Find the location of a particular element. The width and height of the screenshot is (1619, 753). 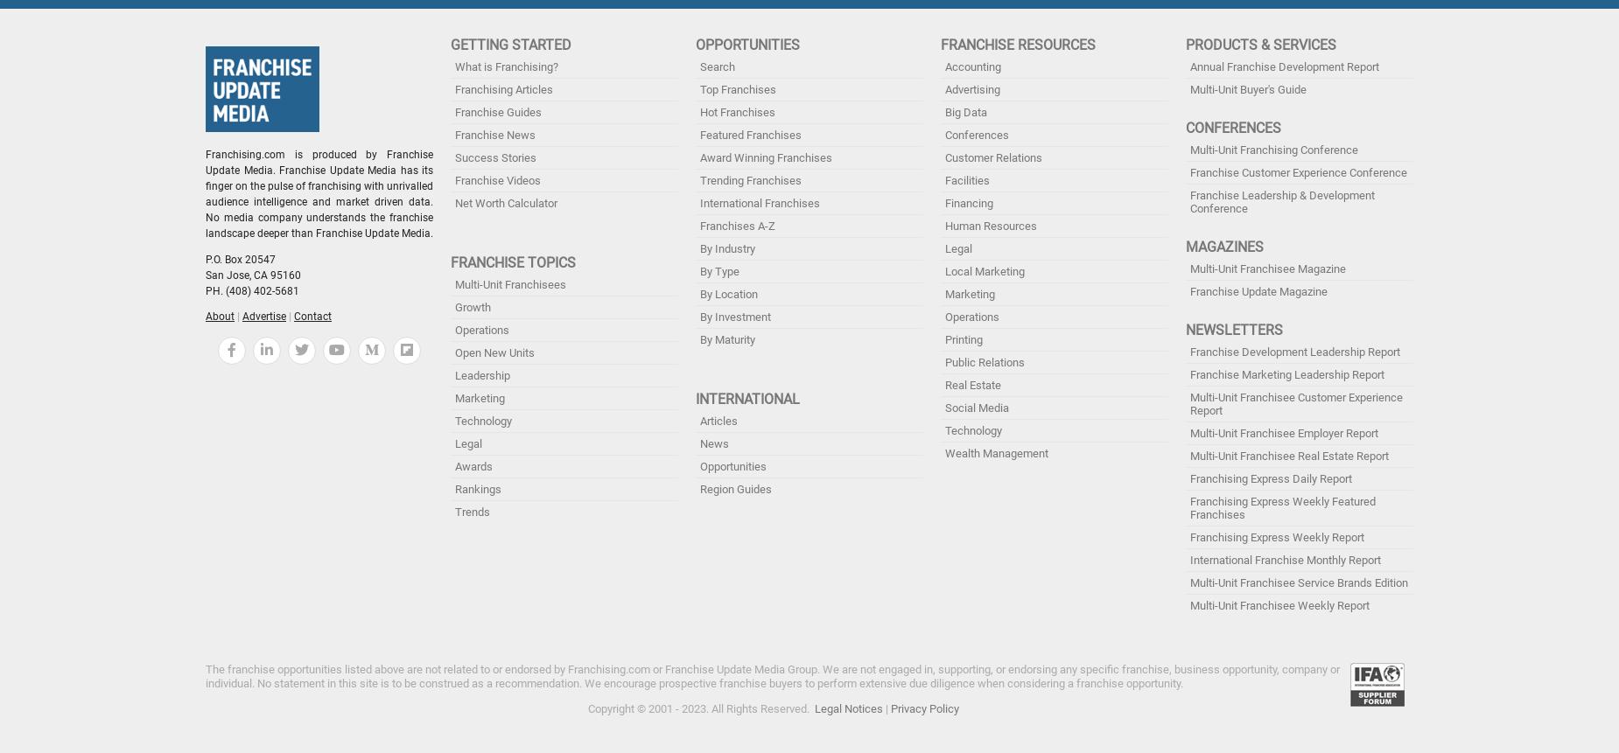

'Franchise Customer Experience Conference' is located at coordinates (1299, 171).